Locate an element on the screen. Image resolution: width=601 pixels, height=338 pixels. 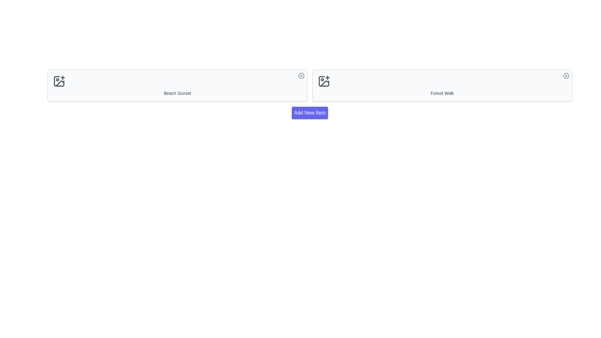
the 'Add New Item' button, which has a blue background and white text, located below the 'Beach Sunset' and 'Forest Walk' elements is located at coordinates (310, 113).